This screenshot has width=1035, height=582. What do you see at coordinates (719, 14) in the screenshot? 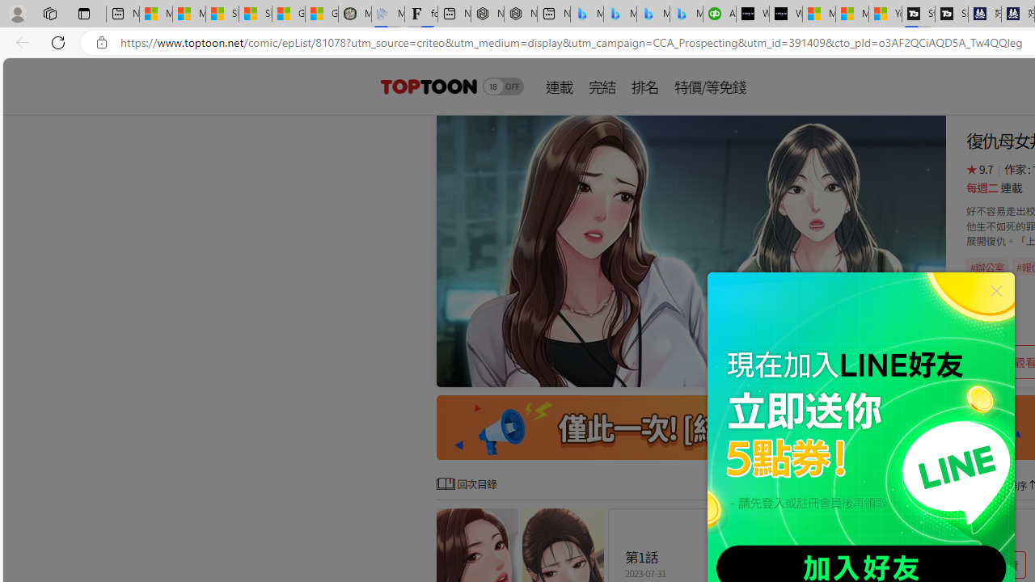
I see `'Accounting Software for Accountants, CPAs and Bookkeepers'` at bounding box center [719, 14].